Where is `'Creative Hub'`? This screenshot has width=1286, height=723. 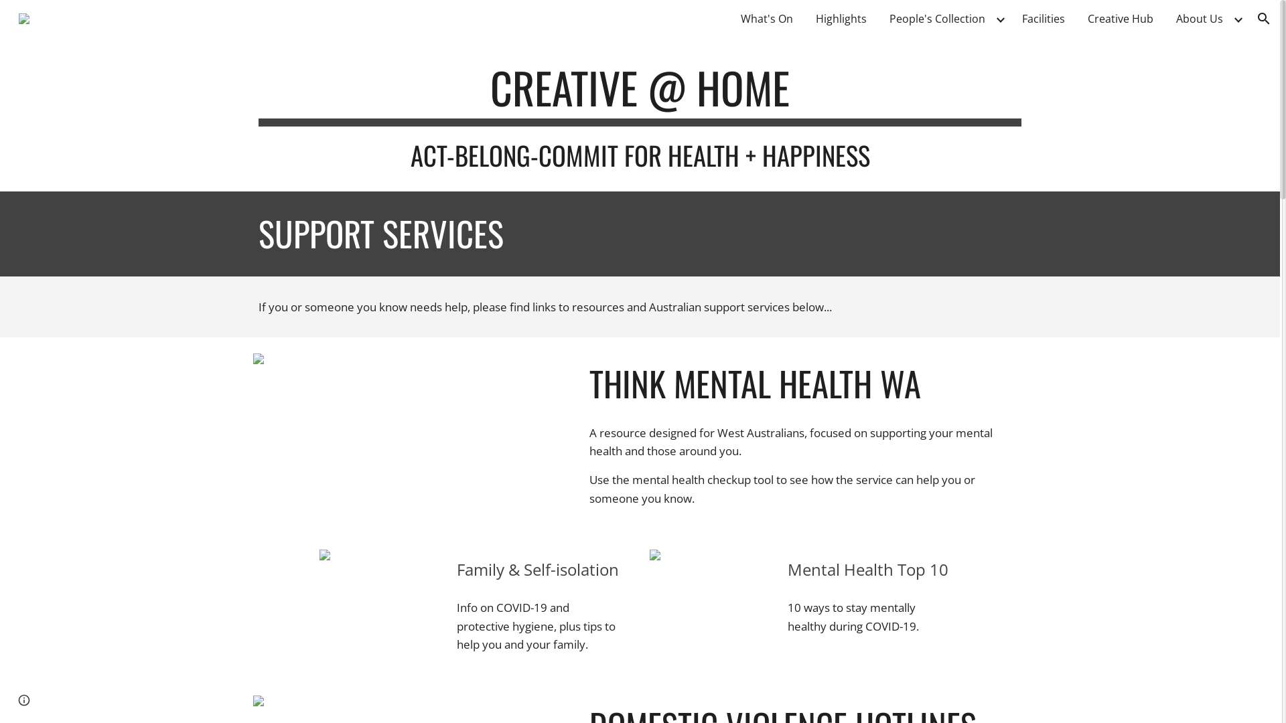 'Creative Hub' is located at coordinates (1121, 18).